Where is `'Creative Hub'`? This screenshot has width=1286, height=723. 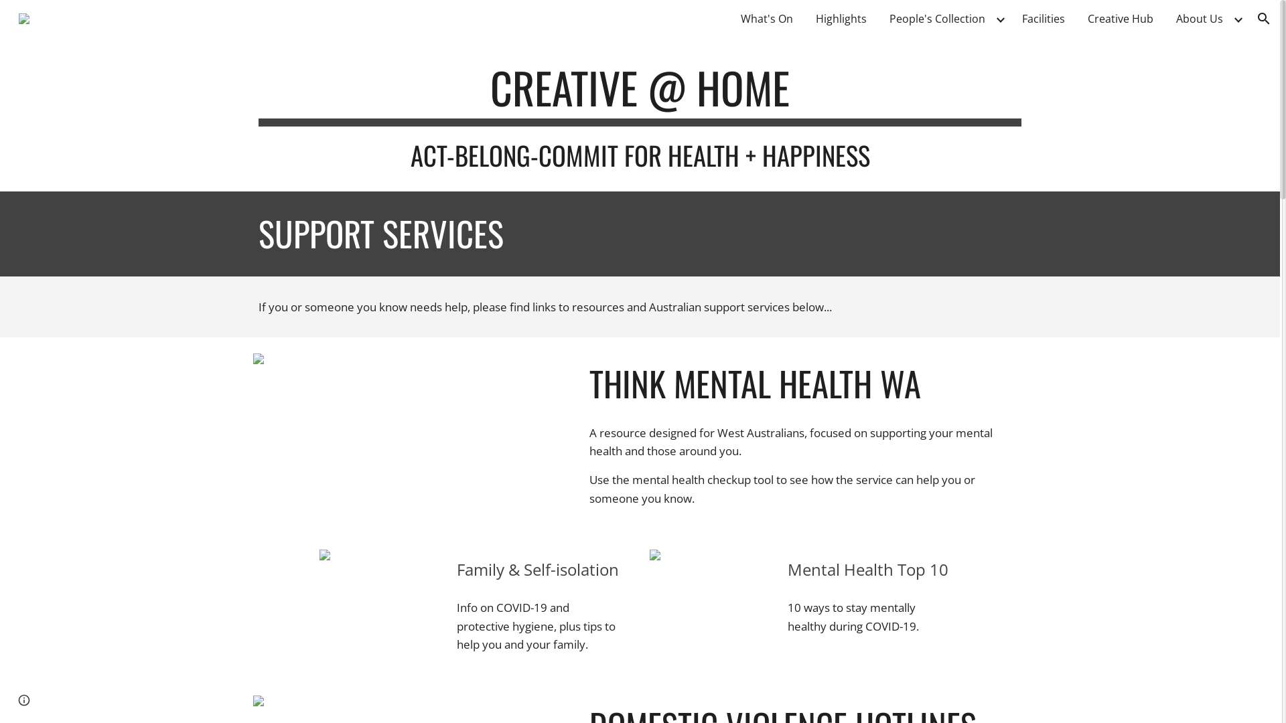 'Creative Hub' is located at coordinates (1121, 18).